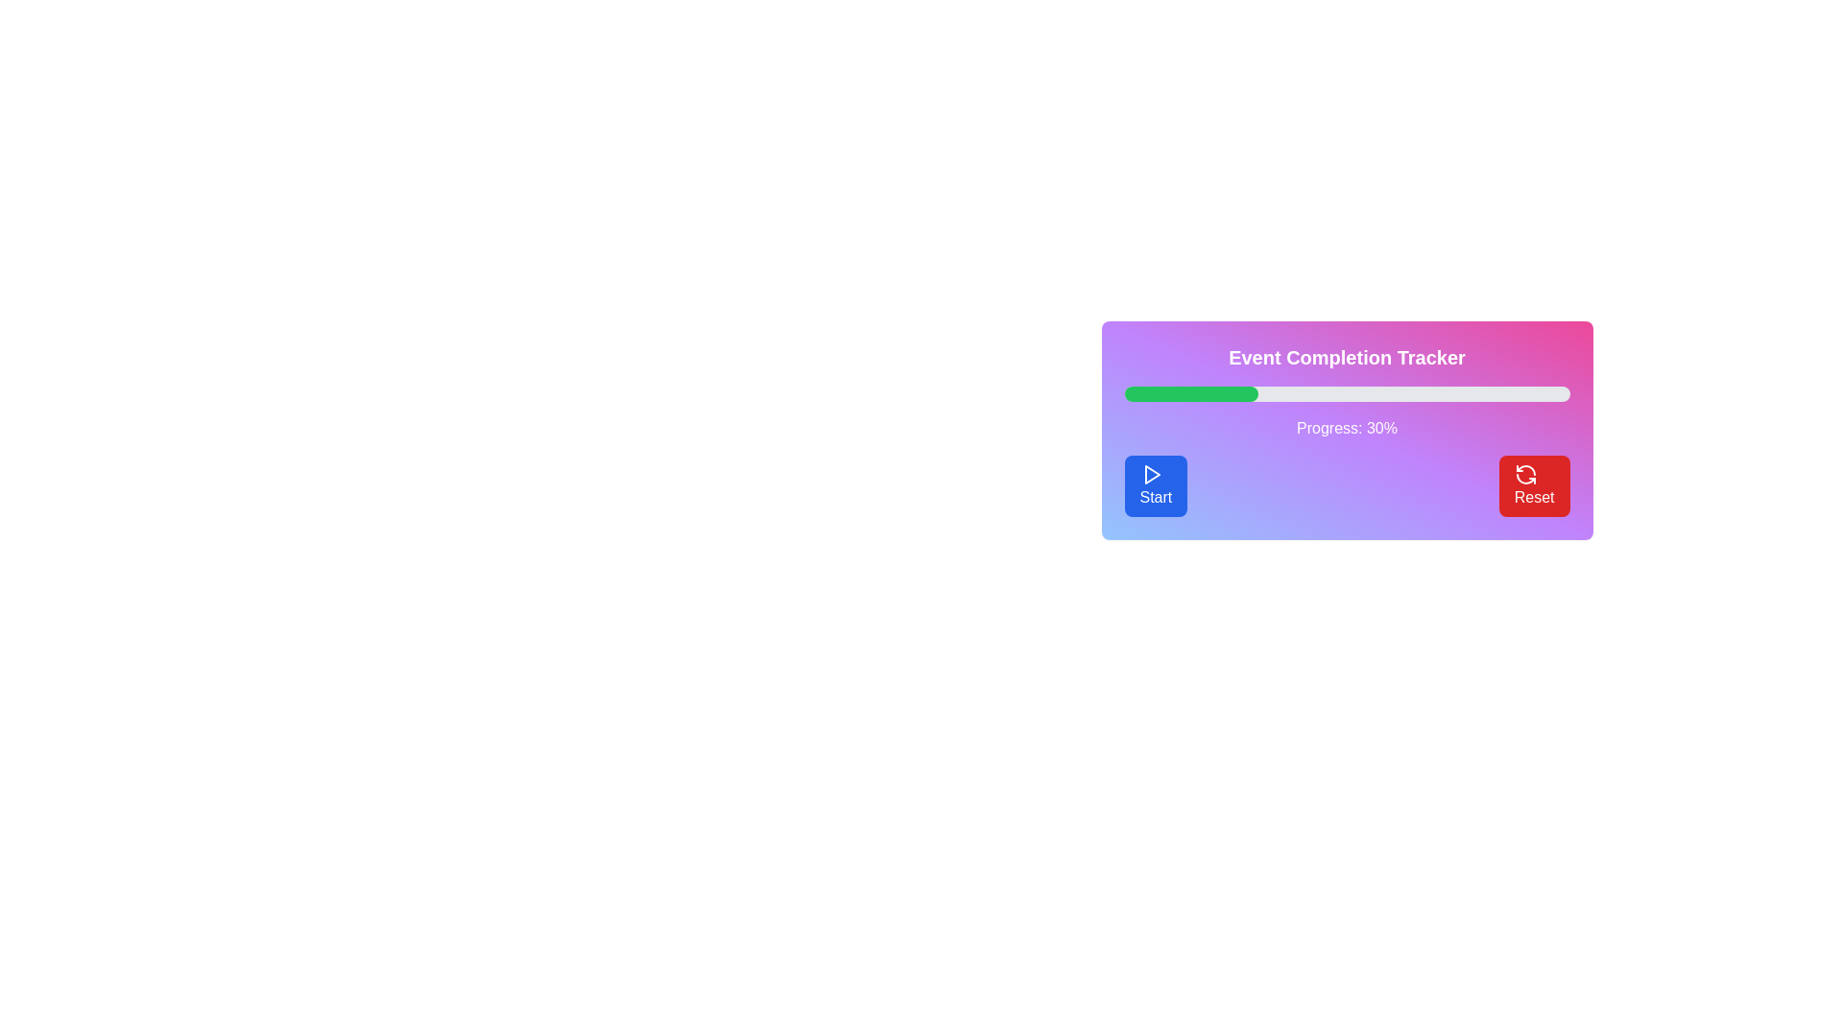 The width and height of the screenshot is (1843, 1036). I want to click on the blue play icon, which is a triangular outline representing the play symbol, located inside the 'Start' button on the 'Event Completion Tracker' interface, so click(1151, 474).